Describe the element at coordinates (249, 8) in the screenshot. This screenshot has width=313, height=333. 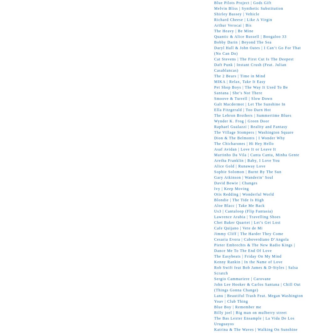
I see `'Melvin Bliss | Synthetic Substitution'` at that location.